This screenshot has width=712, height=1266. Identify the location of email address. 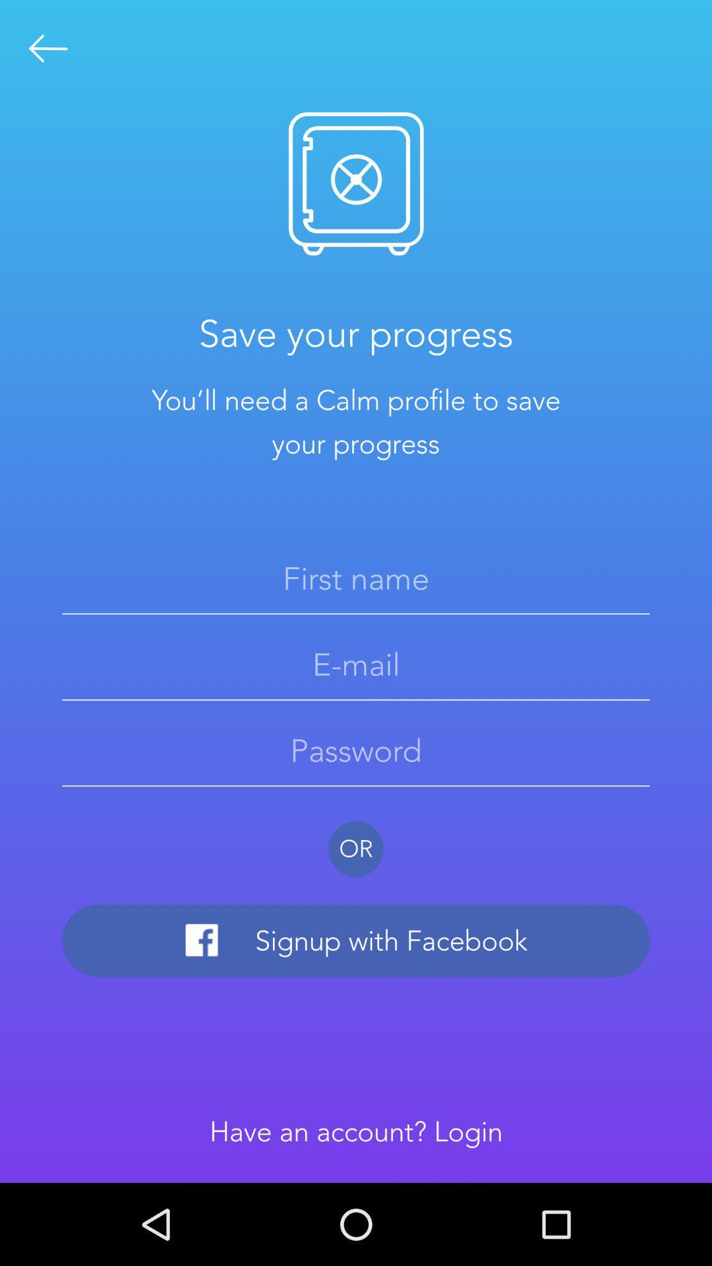
(356, 665).